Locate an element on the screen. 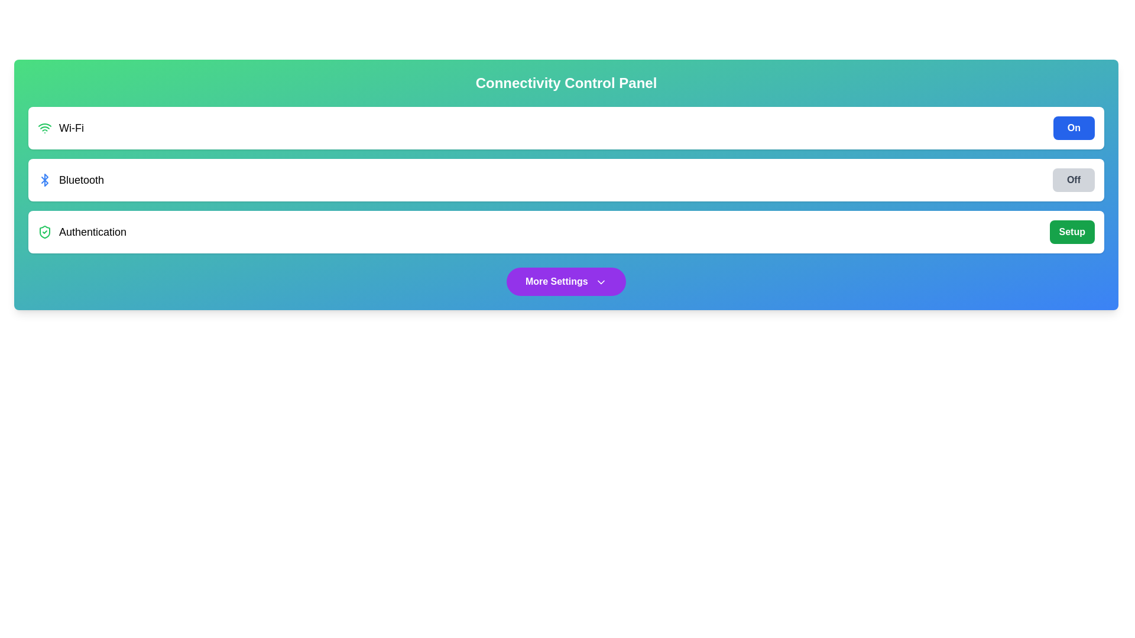 The height and width of the screenshot is (638, 1135). the chevron-down icon located next to the 'More Settings' text on the purple button is located at coordinates (601, 282).